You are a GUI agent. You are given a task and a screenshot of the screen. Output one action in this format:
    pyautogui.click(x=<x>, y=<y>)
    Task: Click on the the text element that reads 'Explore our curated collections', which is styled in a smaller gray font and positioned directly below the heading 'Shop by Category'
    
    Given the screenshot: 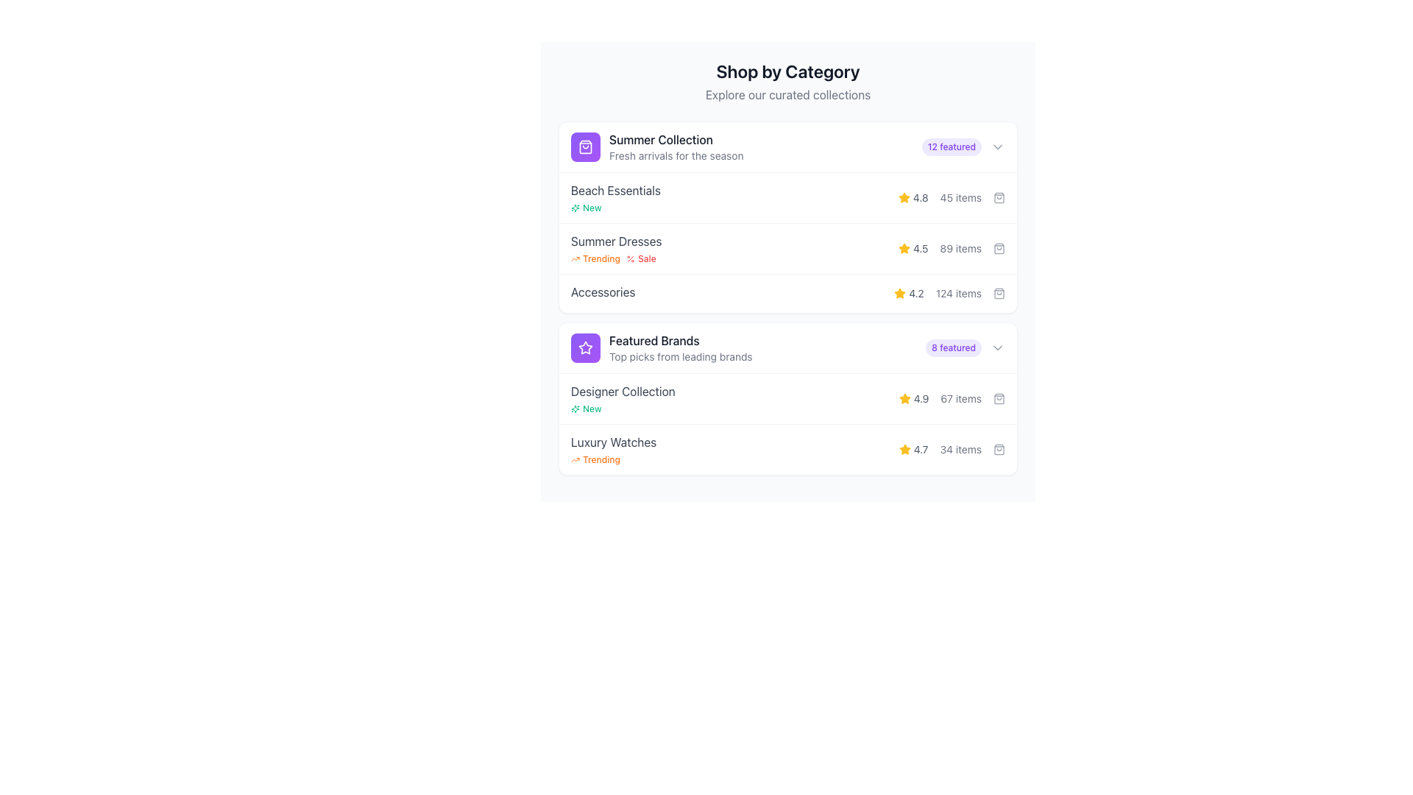 What is the action you would take?
    pyautogui.click(x=787, y=94)
    